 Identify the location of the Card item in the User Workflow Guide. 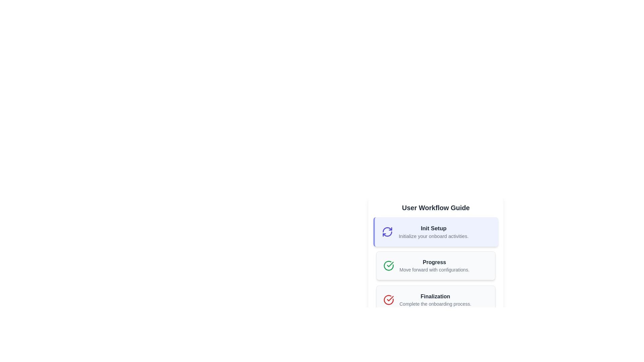
(436, 266).